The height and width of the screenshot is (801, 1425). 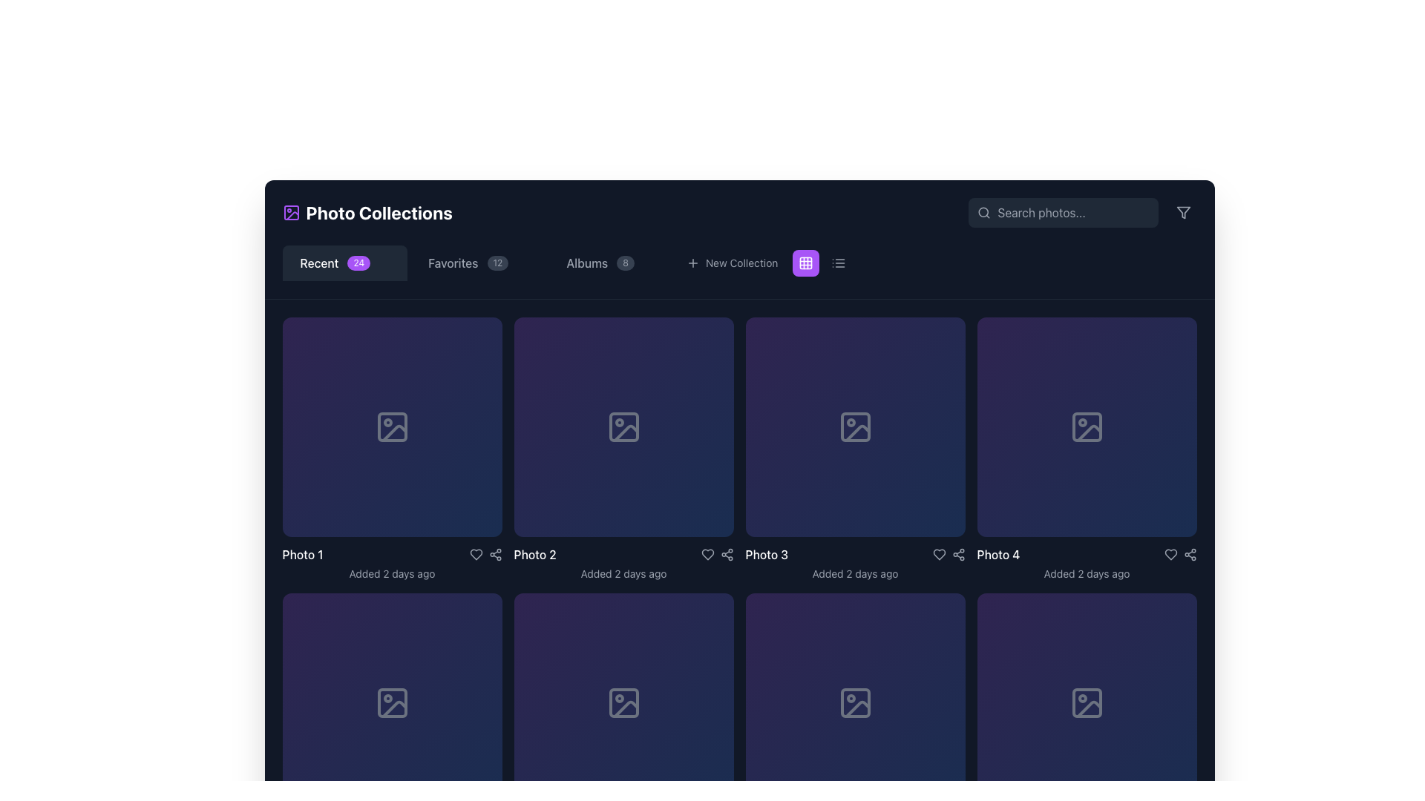 I want to click on the download icon button, which is represented by a downward arrowhead combined with a horizontal line, located in the second cell of the top row within a grid layout, so click(x=623, y=426).